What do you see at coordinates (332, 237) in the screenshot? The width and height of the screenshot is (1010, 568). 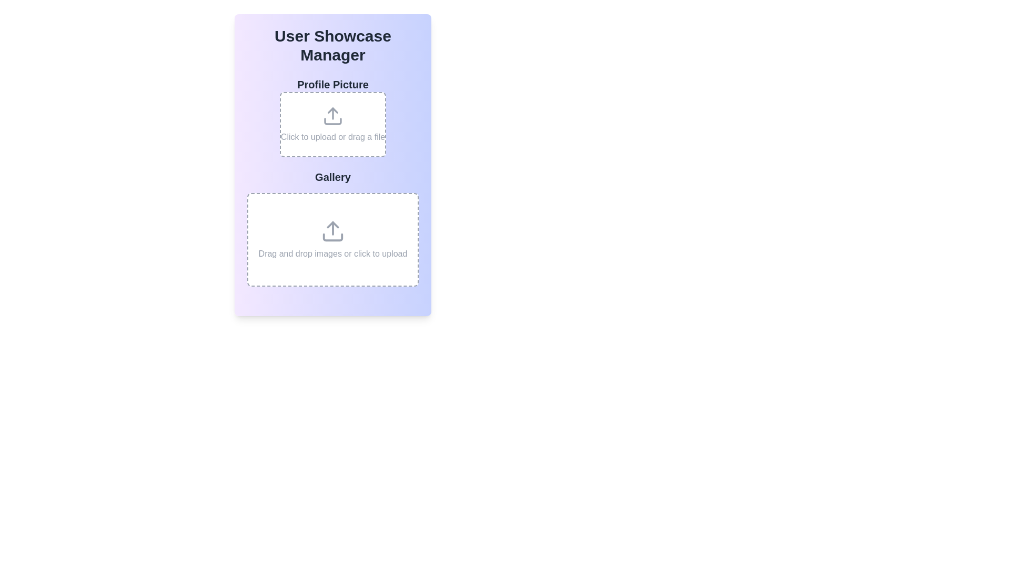 I see `the gray bar-shaped graphical component that forms the base of the upload icon, located beneath the upward-pointing arrow in the SVG` at bounding box center [332, 237].